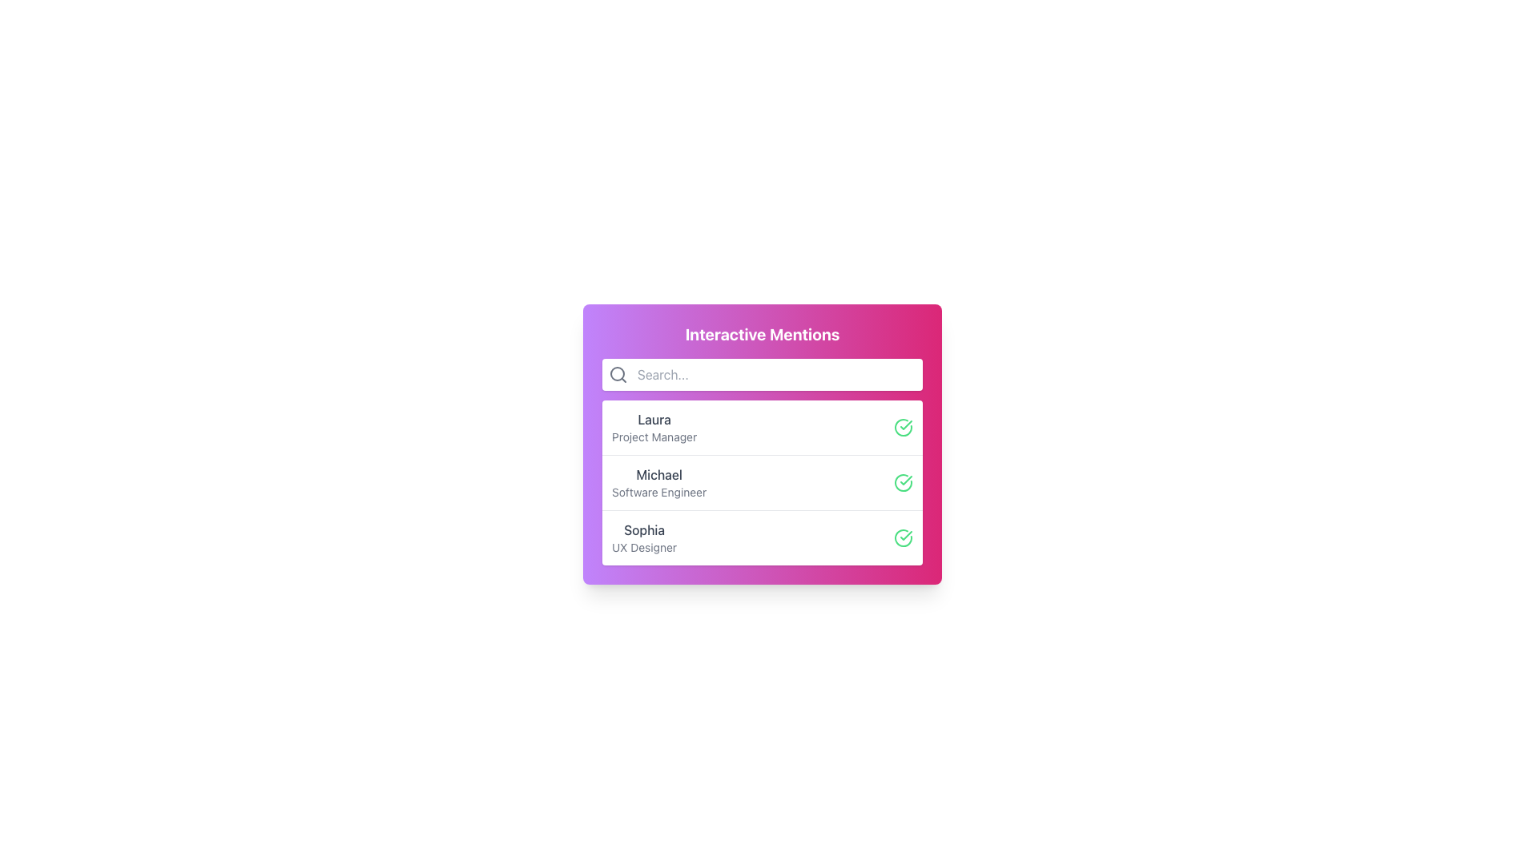  Describe the element at coordinates (654, 437) in the screenshot. I see `text label displaying 'Project Manager' located below the name 'Laura' in the list of text elements` at that location.